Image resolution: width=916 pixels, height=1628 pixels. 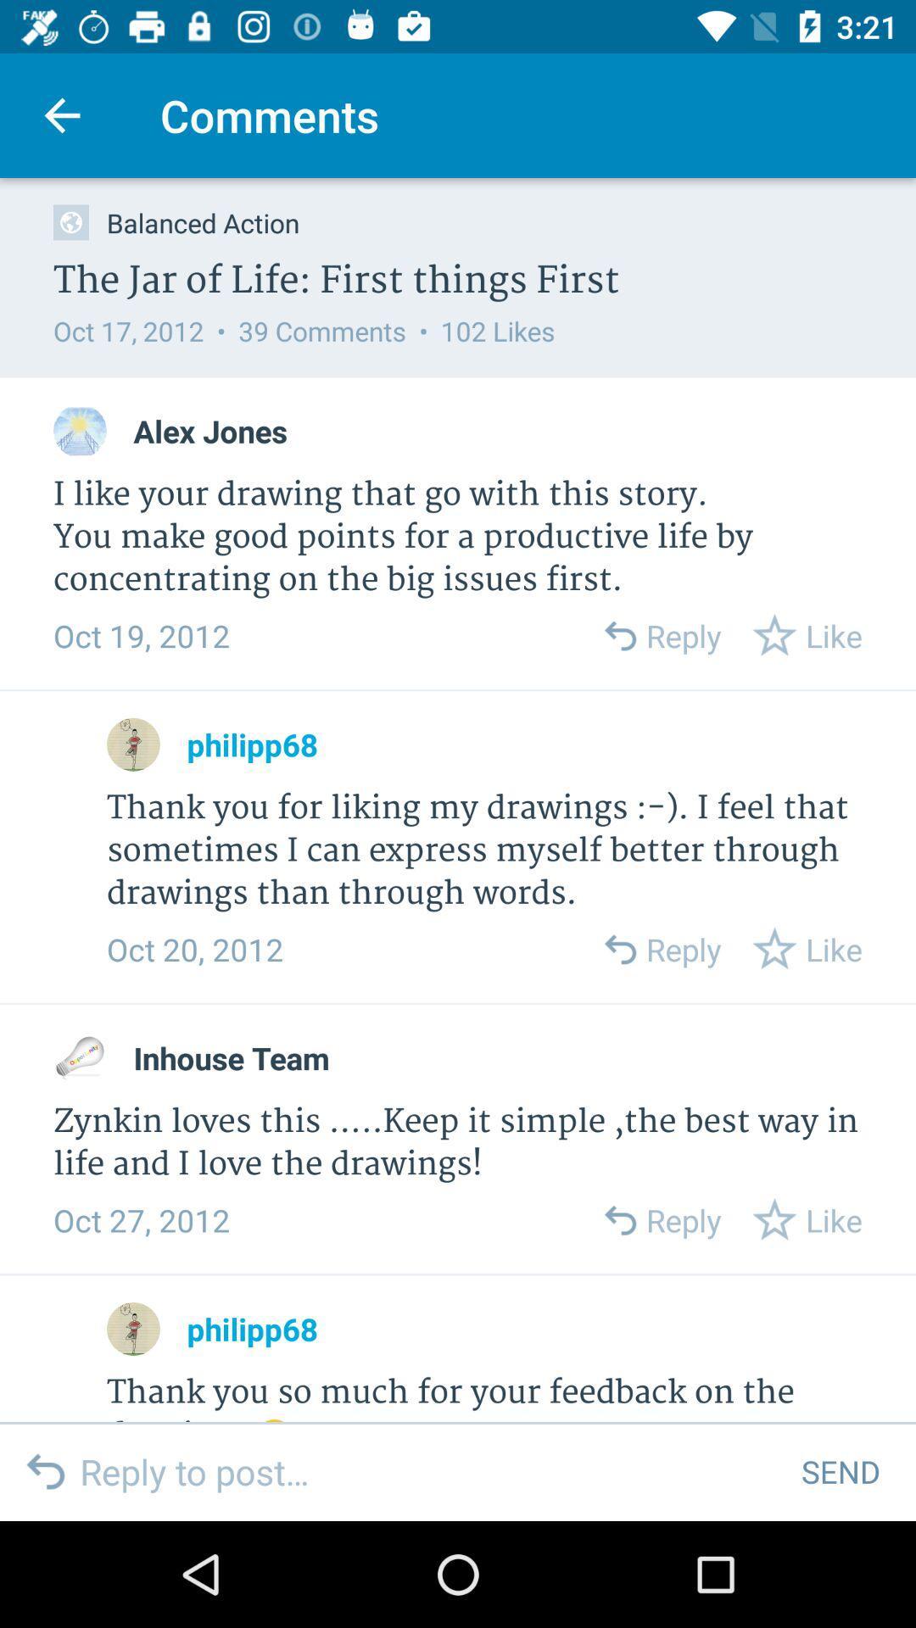 I want to click on reply option, so click(x=619, y=634).